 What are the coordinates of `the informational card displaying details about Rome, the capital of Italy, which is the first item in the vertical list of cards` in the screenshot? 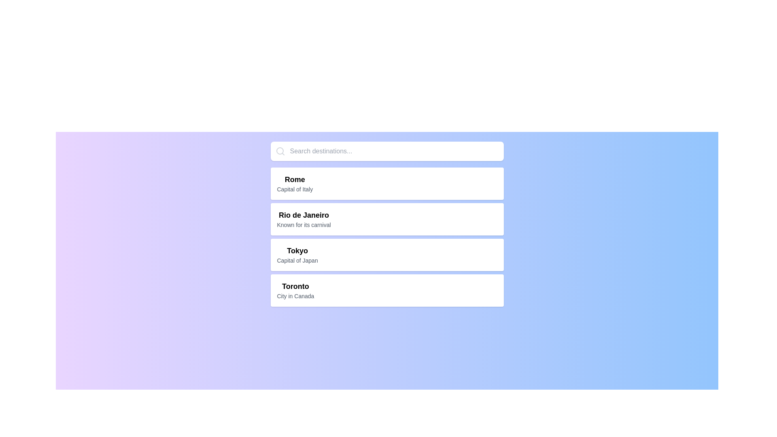 It's located at (386, 184).